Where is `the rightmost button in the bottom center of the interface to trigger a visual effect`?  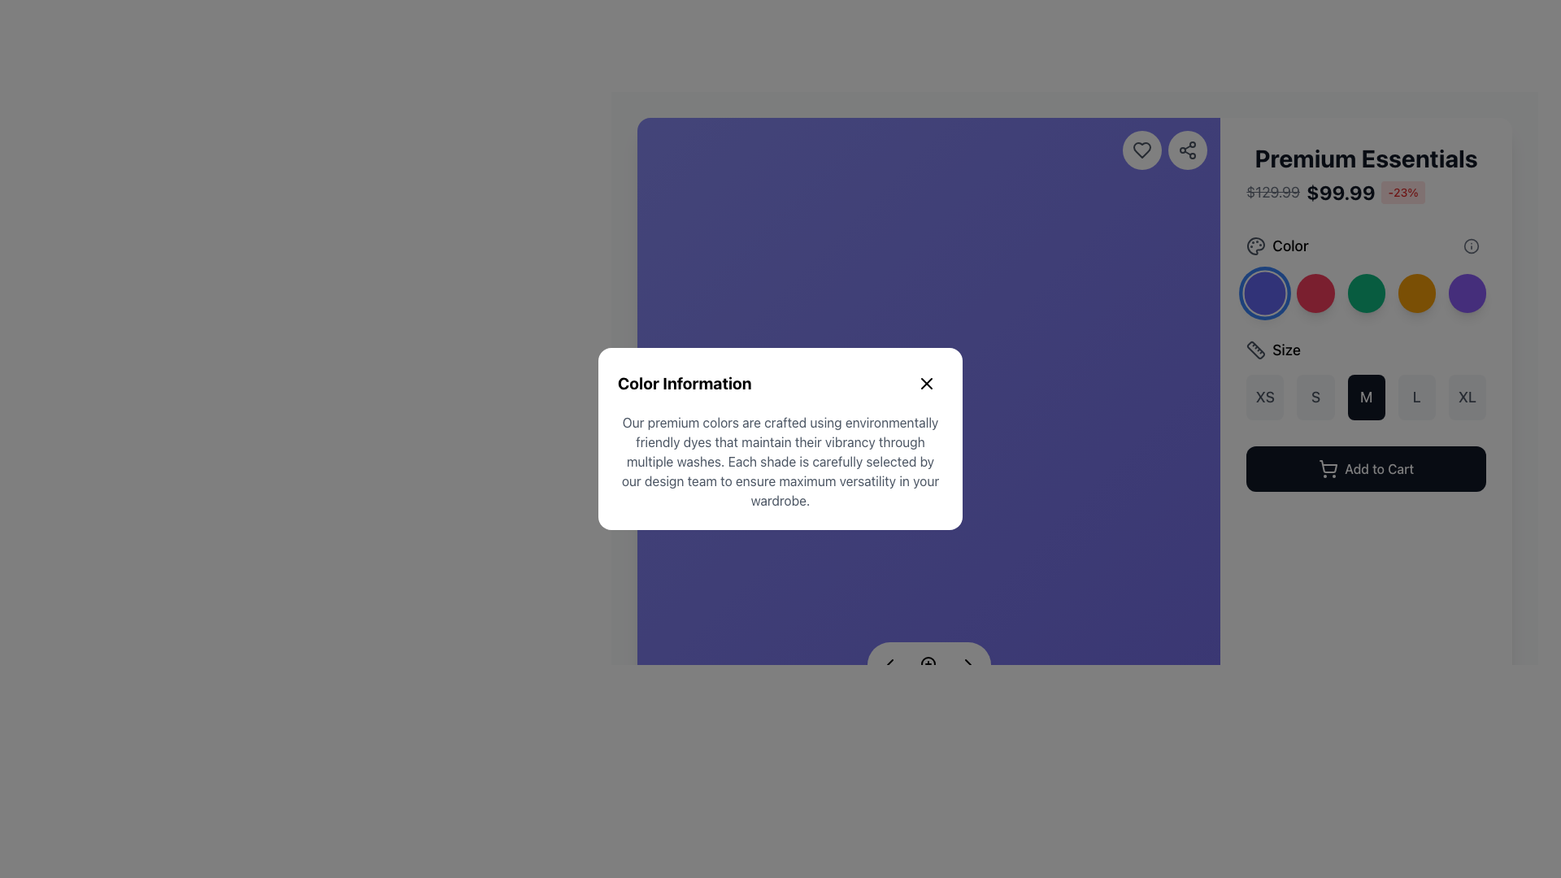
the rightmost button in the bottom center of the interface to trigger a visual effect is located at coordinates (967, 665).